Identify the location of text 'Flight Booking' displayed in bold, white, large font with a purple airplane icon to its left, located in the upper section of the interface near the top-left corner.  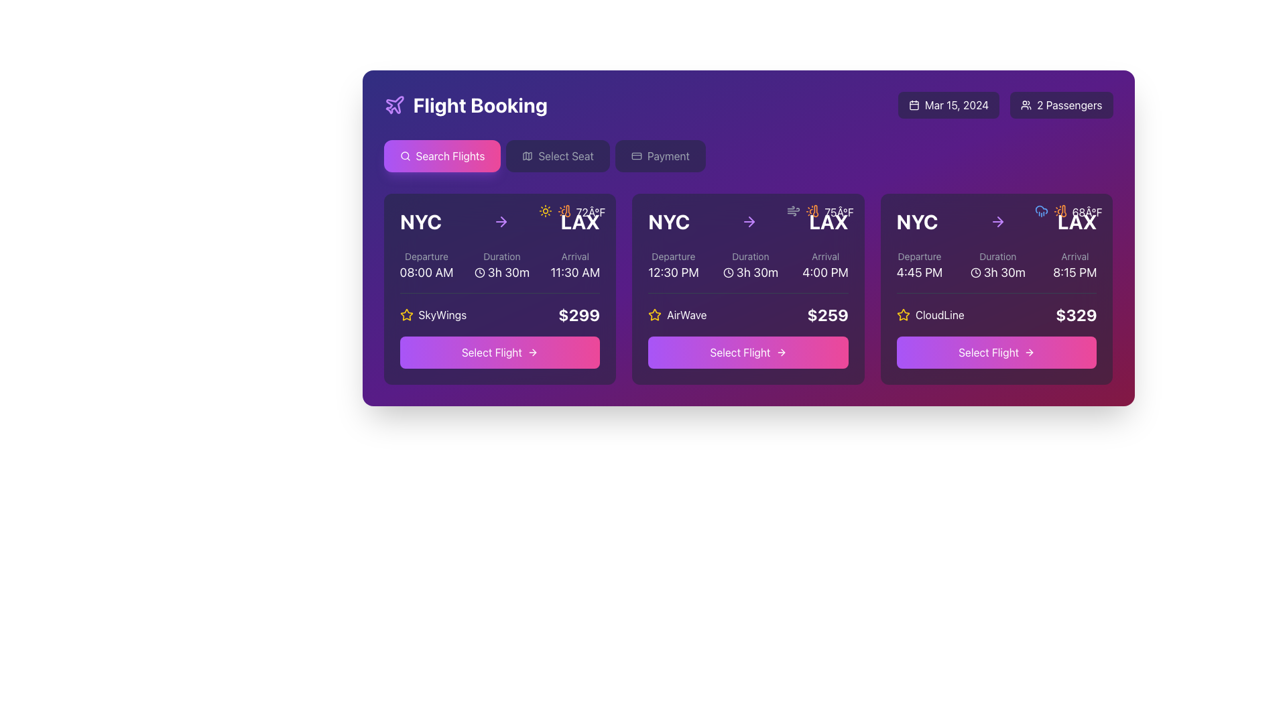
(465, 105).